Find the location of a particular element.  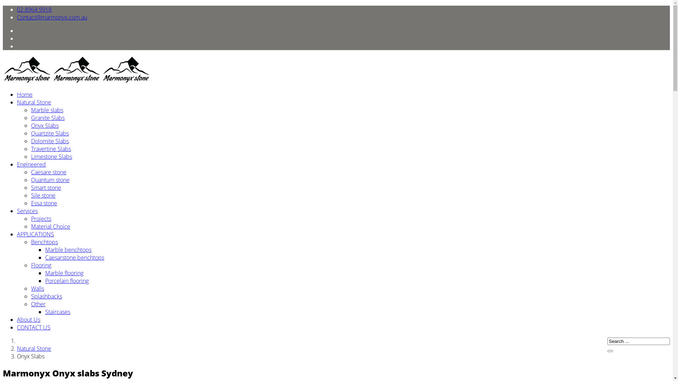

'Search' is located at coordinates (610, 351).